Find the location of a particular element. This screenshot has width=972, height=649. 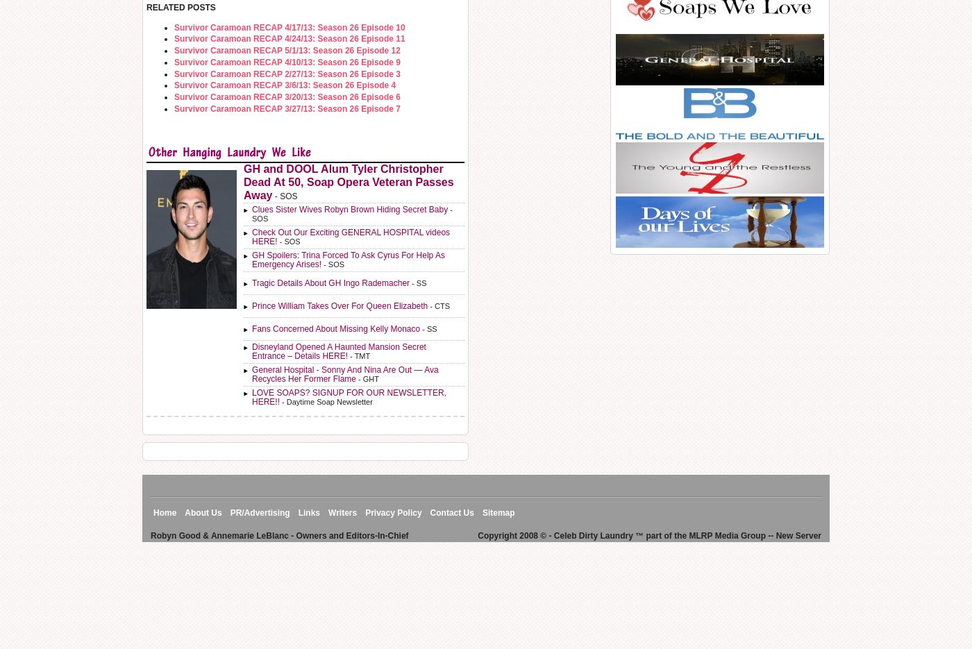

'Copyright 2008 © - Celeb Dirty Laundry ™ part of the MLRP Media Group -- New Server' is located at coordinates (477, 535).